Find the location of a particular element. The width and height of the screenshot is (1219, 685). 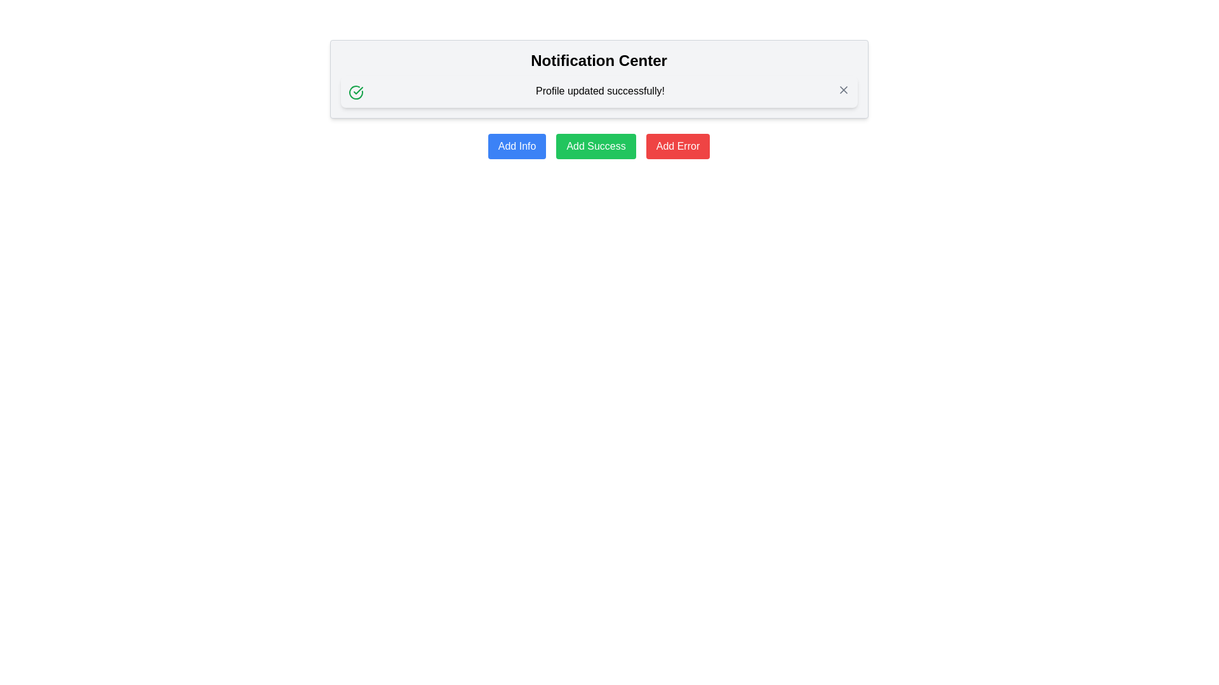

the Close button located at the far right side of the notification box that reads 'Profile updated successfully!' is located at coordinates (843, 89).